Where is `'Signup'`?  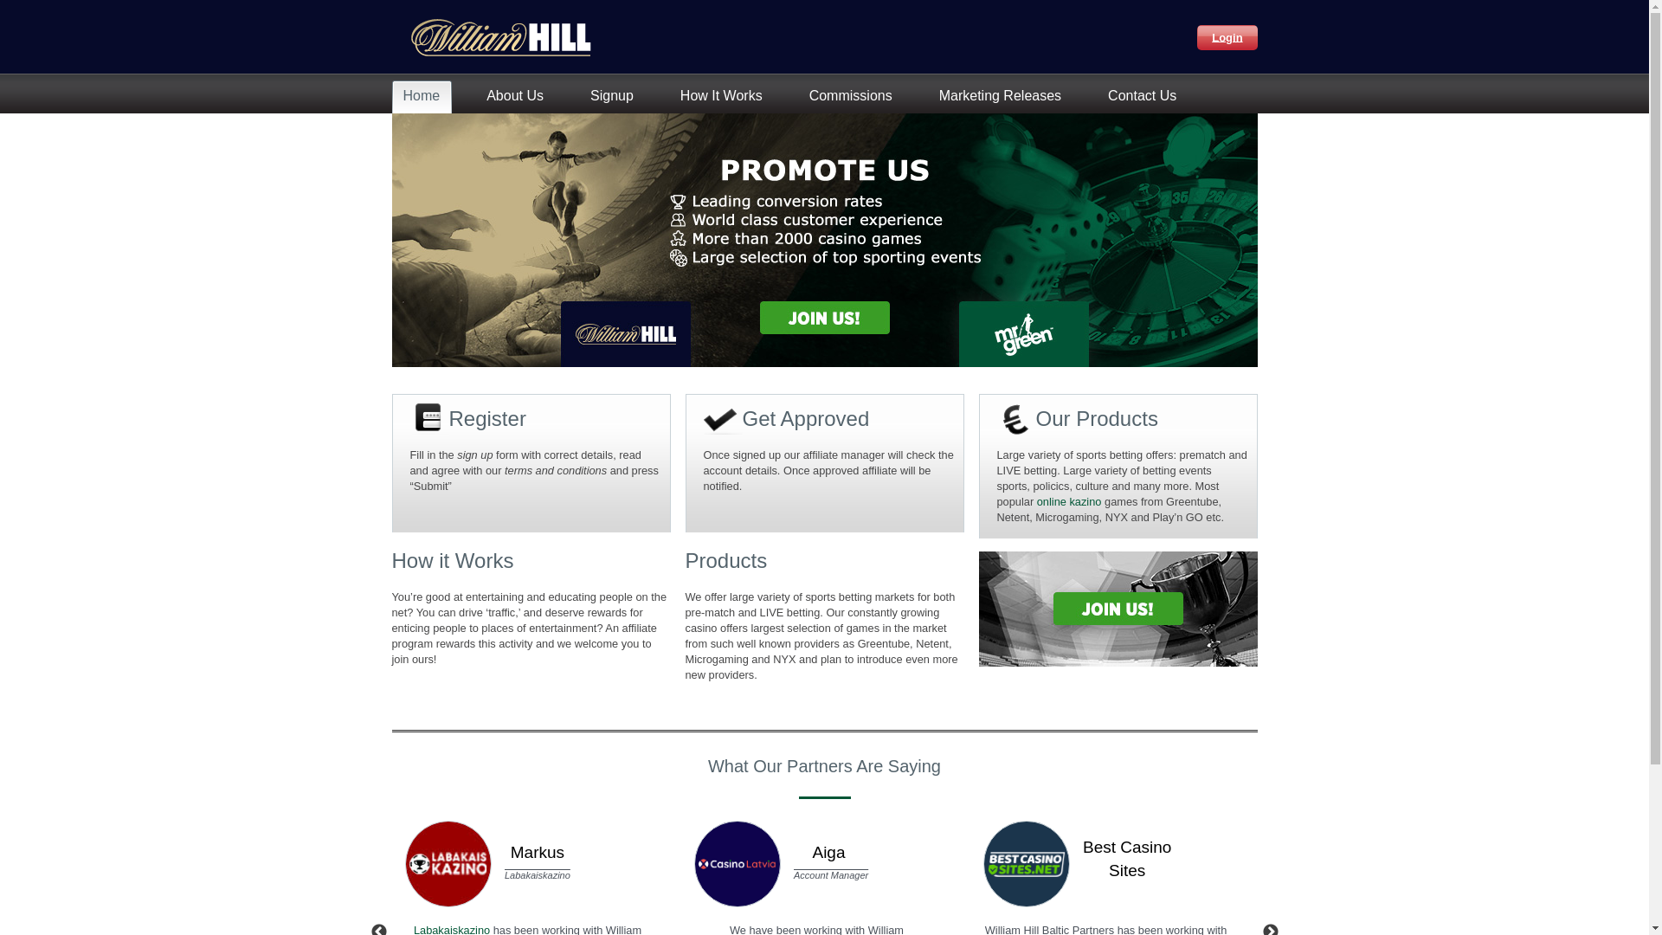
'Signup' is located at coordinates (615, 96).